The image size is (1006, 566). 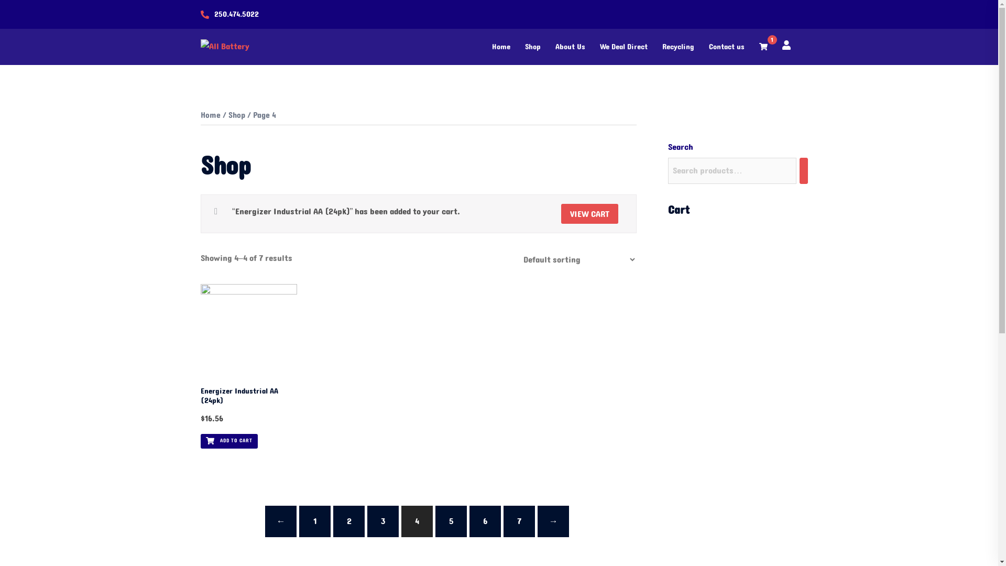 I want to click on 'Login/Register', so click(x=785, y=43).